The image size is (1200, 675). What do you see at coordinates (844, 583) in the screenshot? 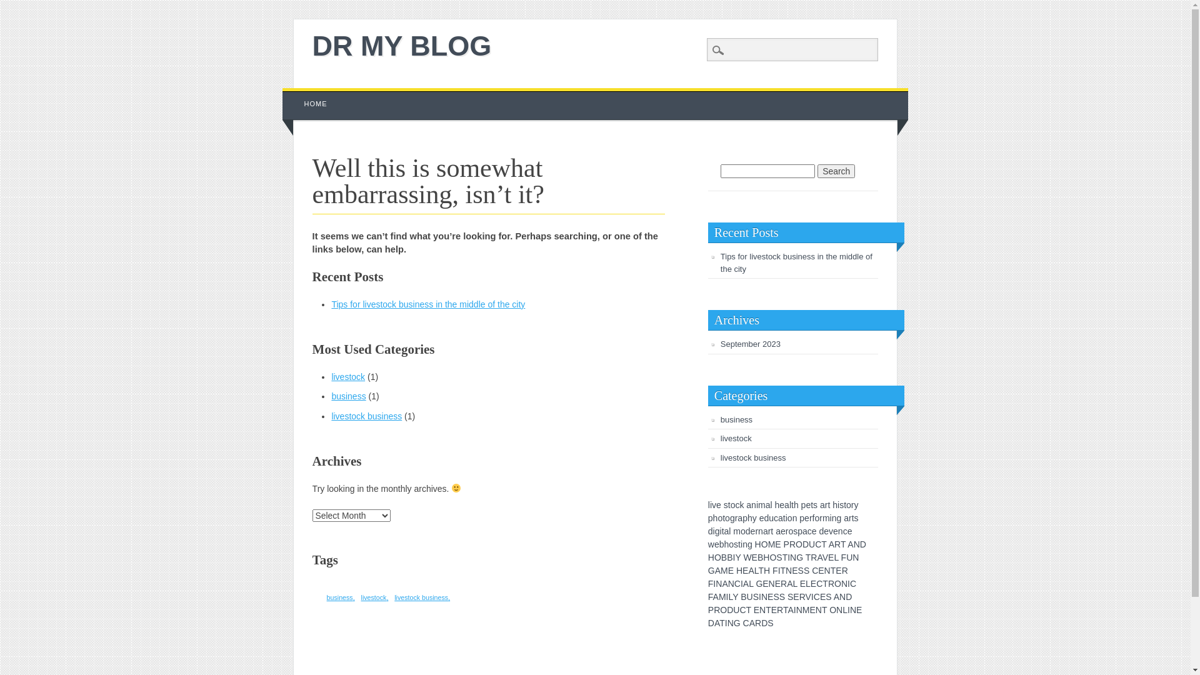
I see `'N'` at bounding box center [844, 583].